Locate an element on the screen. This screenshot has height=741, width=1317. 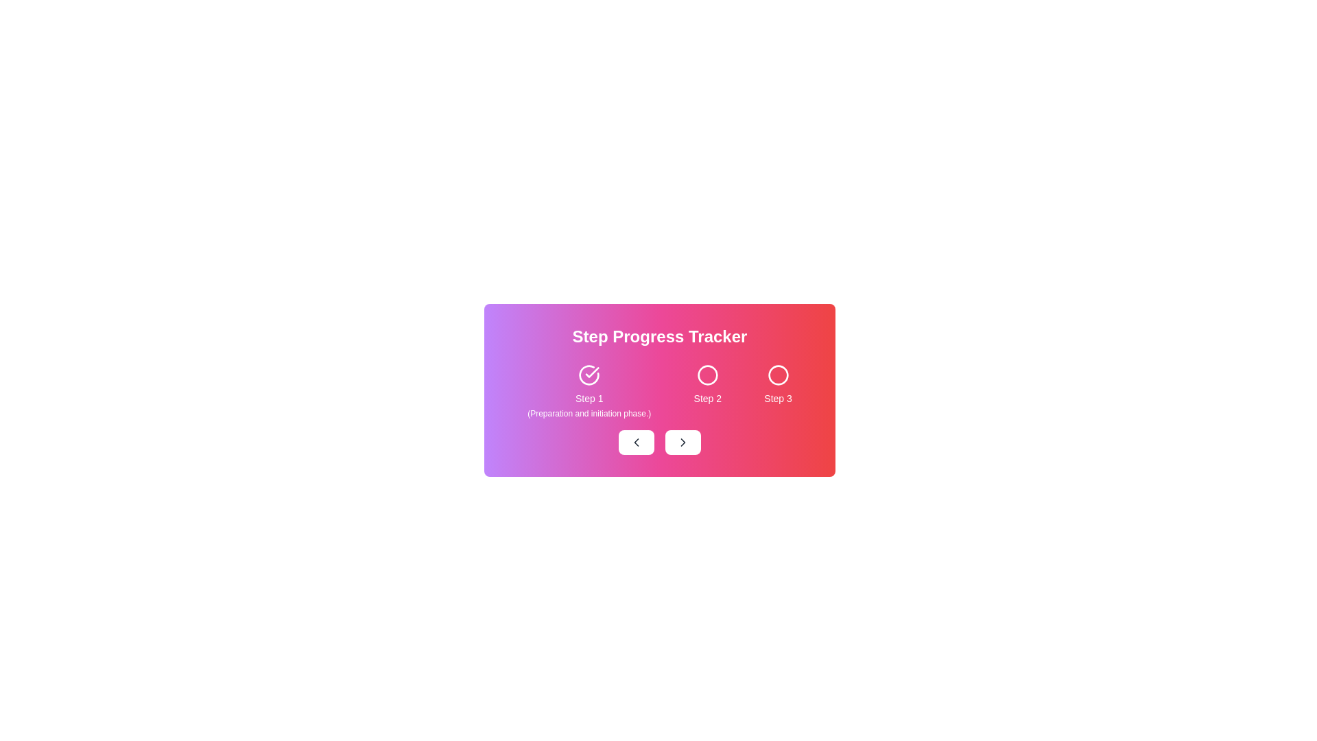
the first navigation button with a white background and gray text located at the bottom of the 'Step Progress Tracker' card is located at coordinates (635, 442).